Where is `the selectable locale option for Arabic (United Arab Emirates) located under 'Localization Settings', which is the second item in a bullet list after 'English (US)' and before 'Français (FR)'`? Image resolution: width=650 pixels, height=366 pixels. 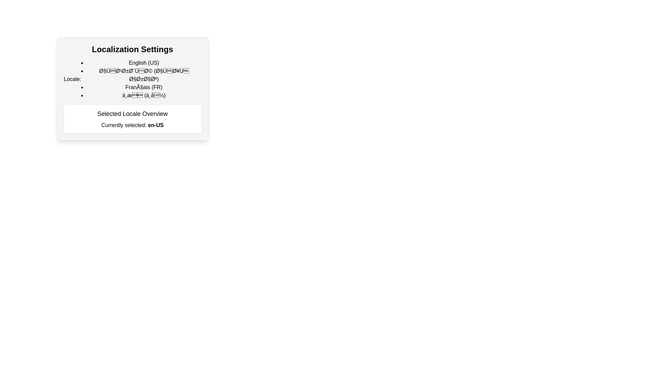 the selectable locale option for Arabic (United Arab Emirates) located under 'Localization Settings', which is the second item in a bullet list after 'English (US)' and before 'Français (FR)' is located at coordinates (144, 75).